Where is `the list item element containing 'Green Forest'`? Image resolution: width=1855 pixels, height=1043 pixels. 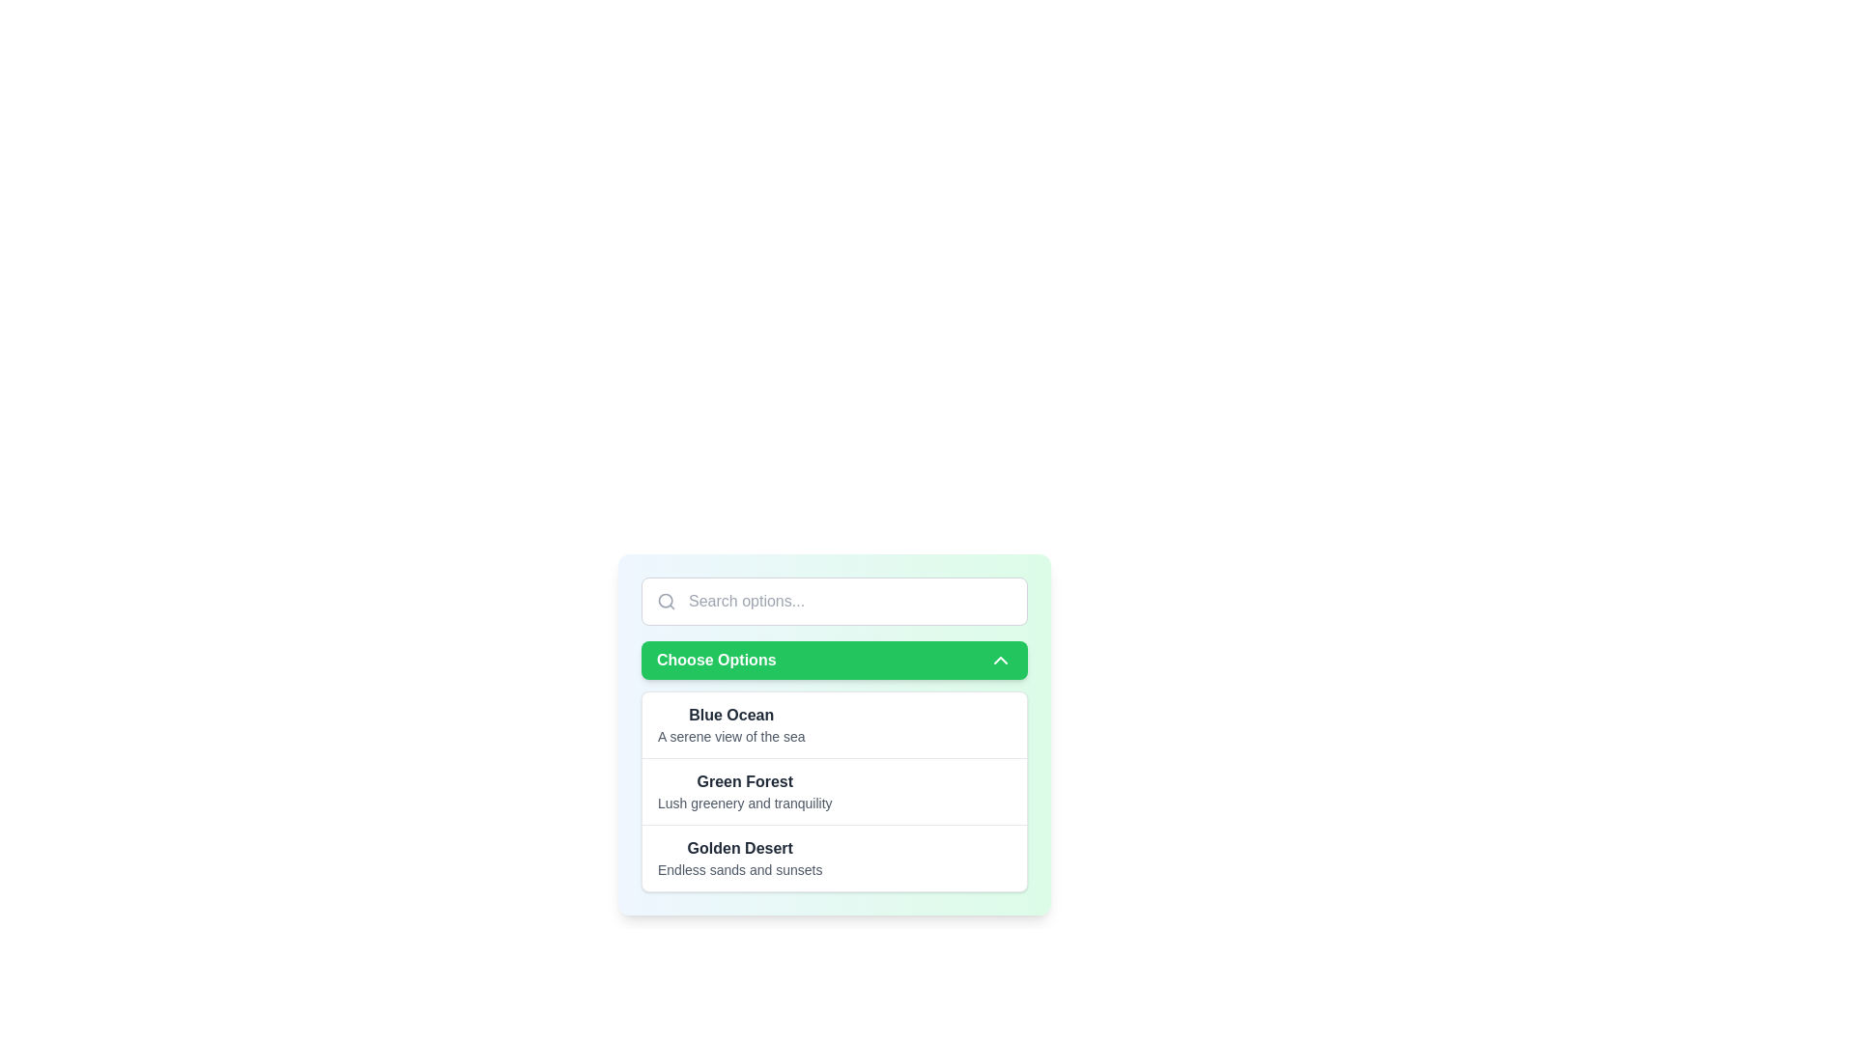 the list item element containing 'Green Forest' is located at coordinates (744, 792).